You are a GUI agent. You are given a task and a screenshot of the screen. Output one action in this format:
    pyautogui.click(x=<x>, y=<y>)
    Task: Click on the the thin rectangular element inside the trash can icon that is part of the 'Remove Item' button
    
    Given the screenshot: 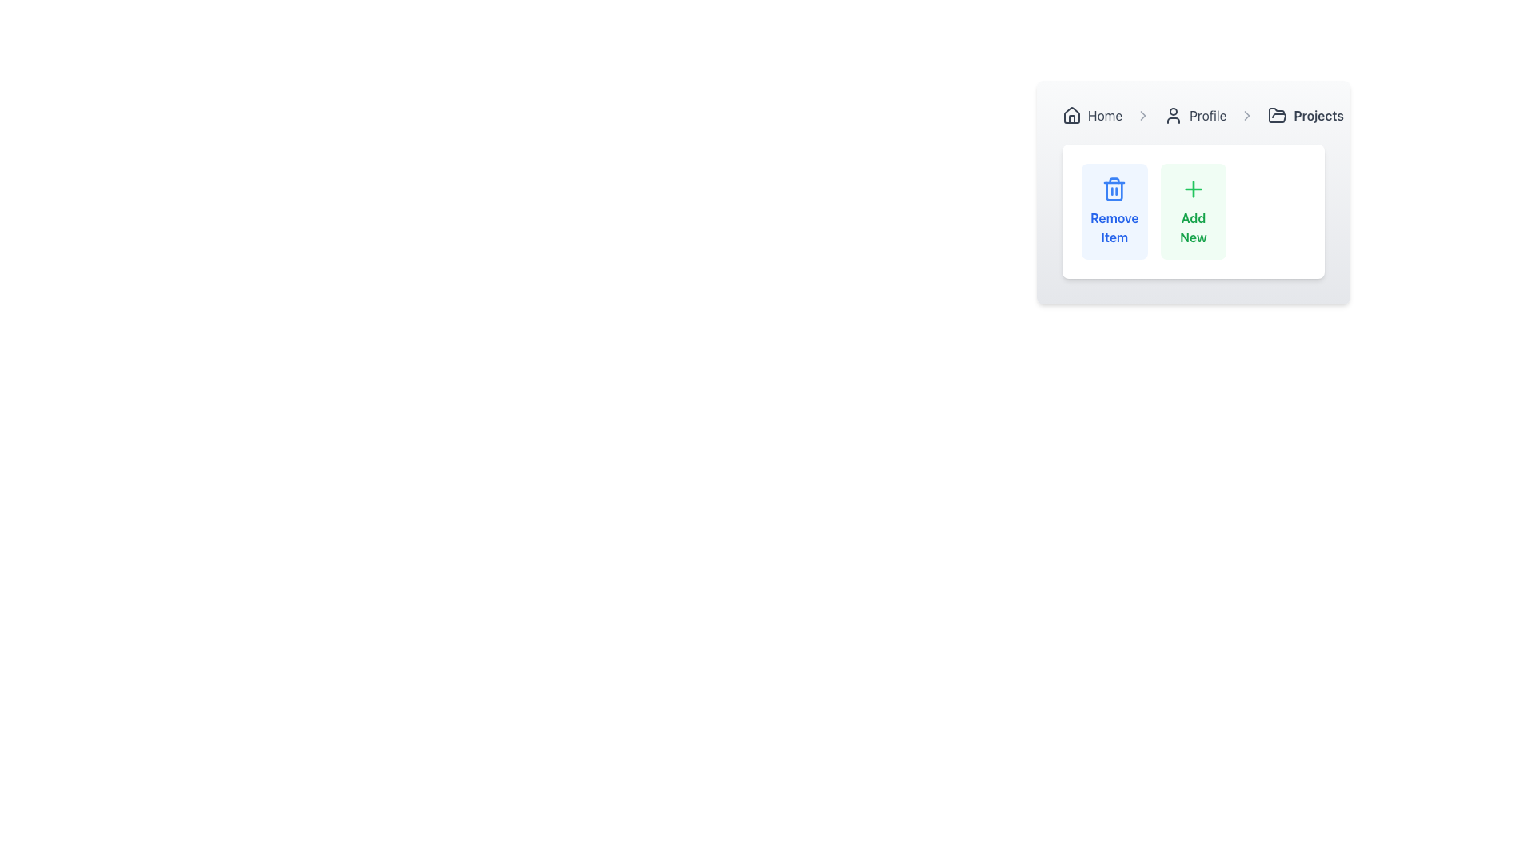 What is the action you would take?
    pyautogui.click(x=1114, y=190)
    